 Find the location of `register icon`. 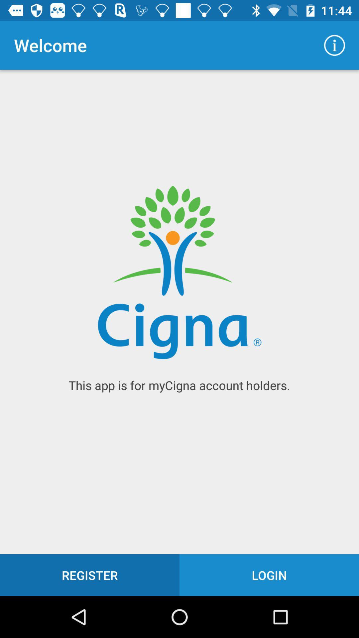

register icon is located at coordinates (90, 575).